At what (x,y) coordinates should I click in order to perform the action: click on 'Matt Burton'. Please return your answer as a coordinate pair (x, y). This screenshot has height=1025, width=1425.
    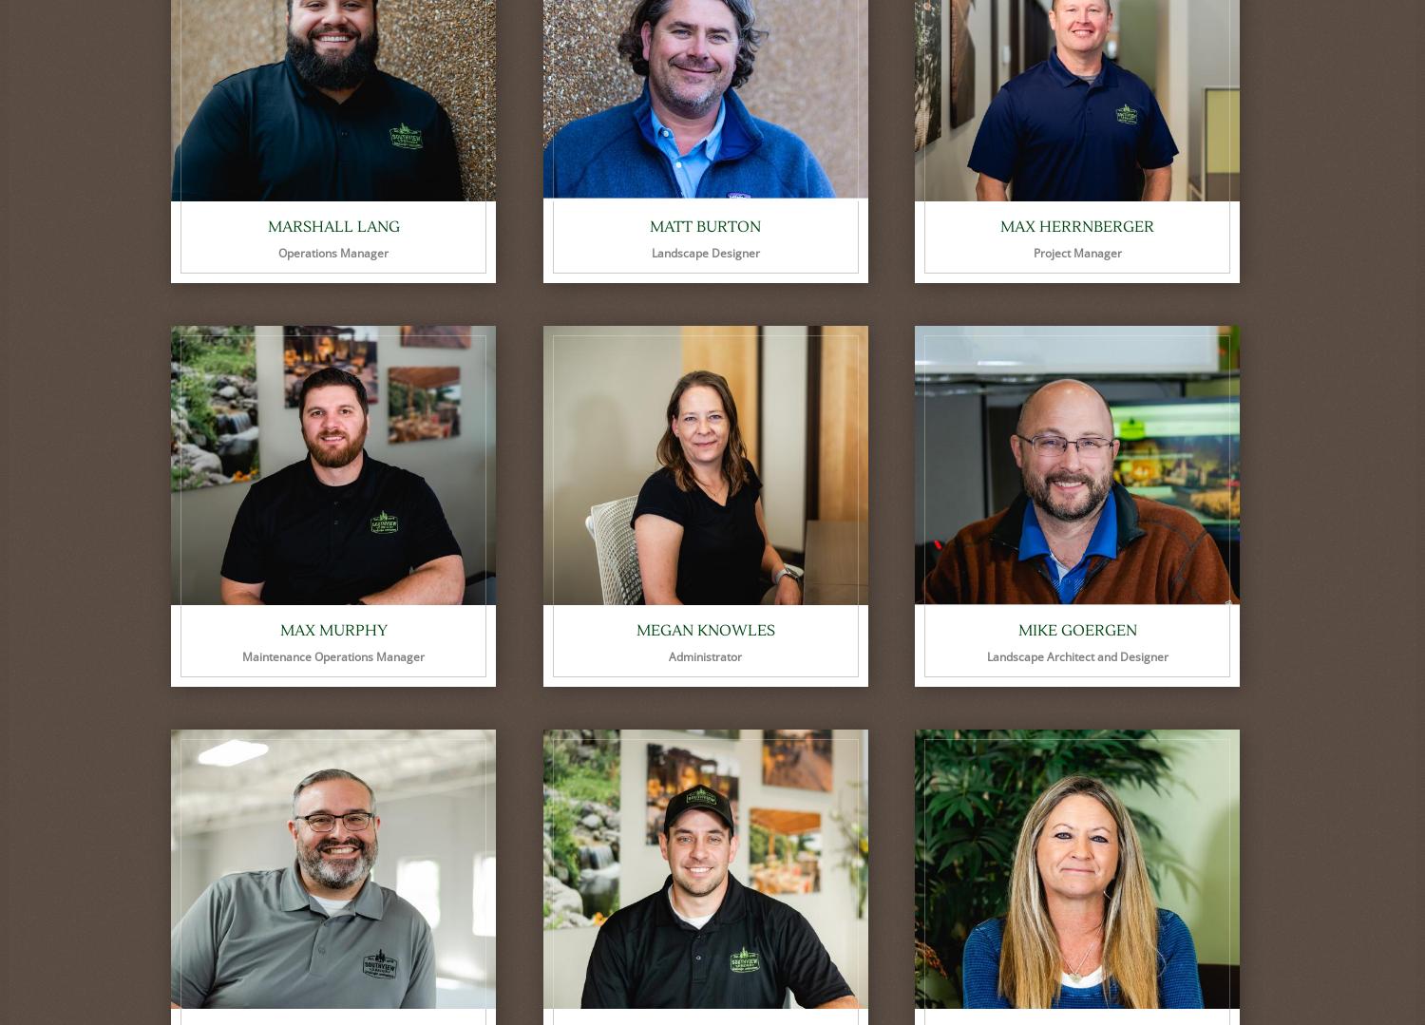
    Looking at the image, I should click on (704, 225).